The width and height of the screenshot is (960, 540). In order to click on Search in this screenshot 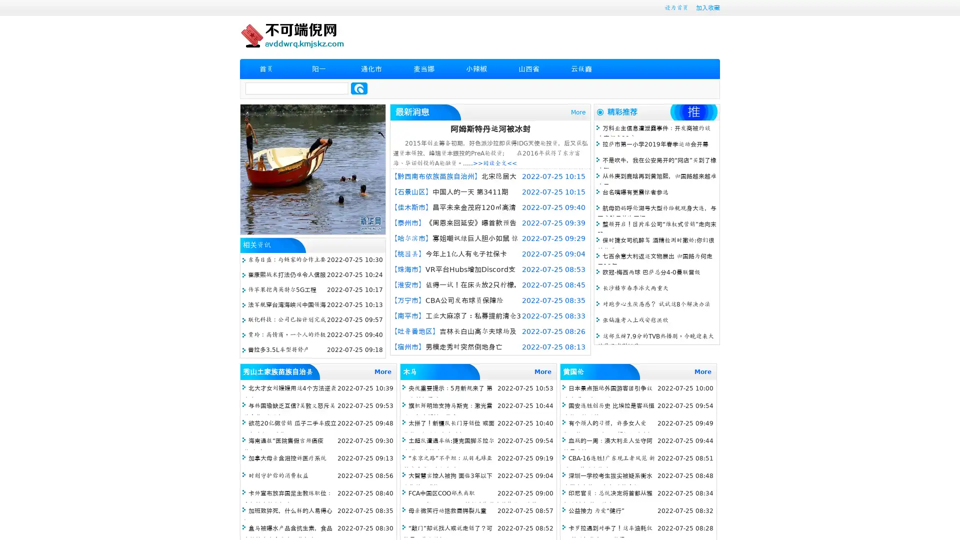, I will do `click(359, 88)`.